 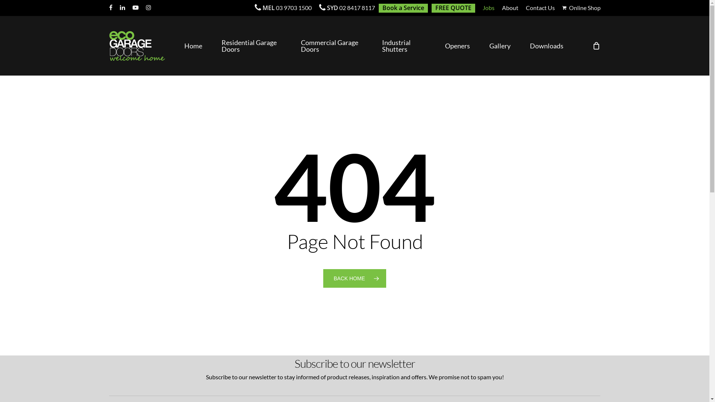 I want to click on 'Commercial Garage Doors', so click(x=301, y=46).